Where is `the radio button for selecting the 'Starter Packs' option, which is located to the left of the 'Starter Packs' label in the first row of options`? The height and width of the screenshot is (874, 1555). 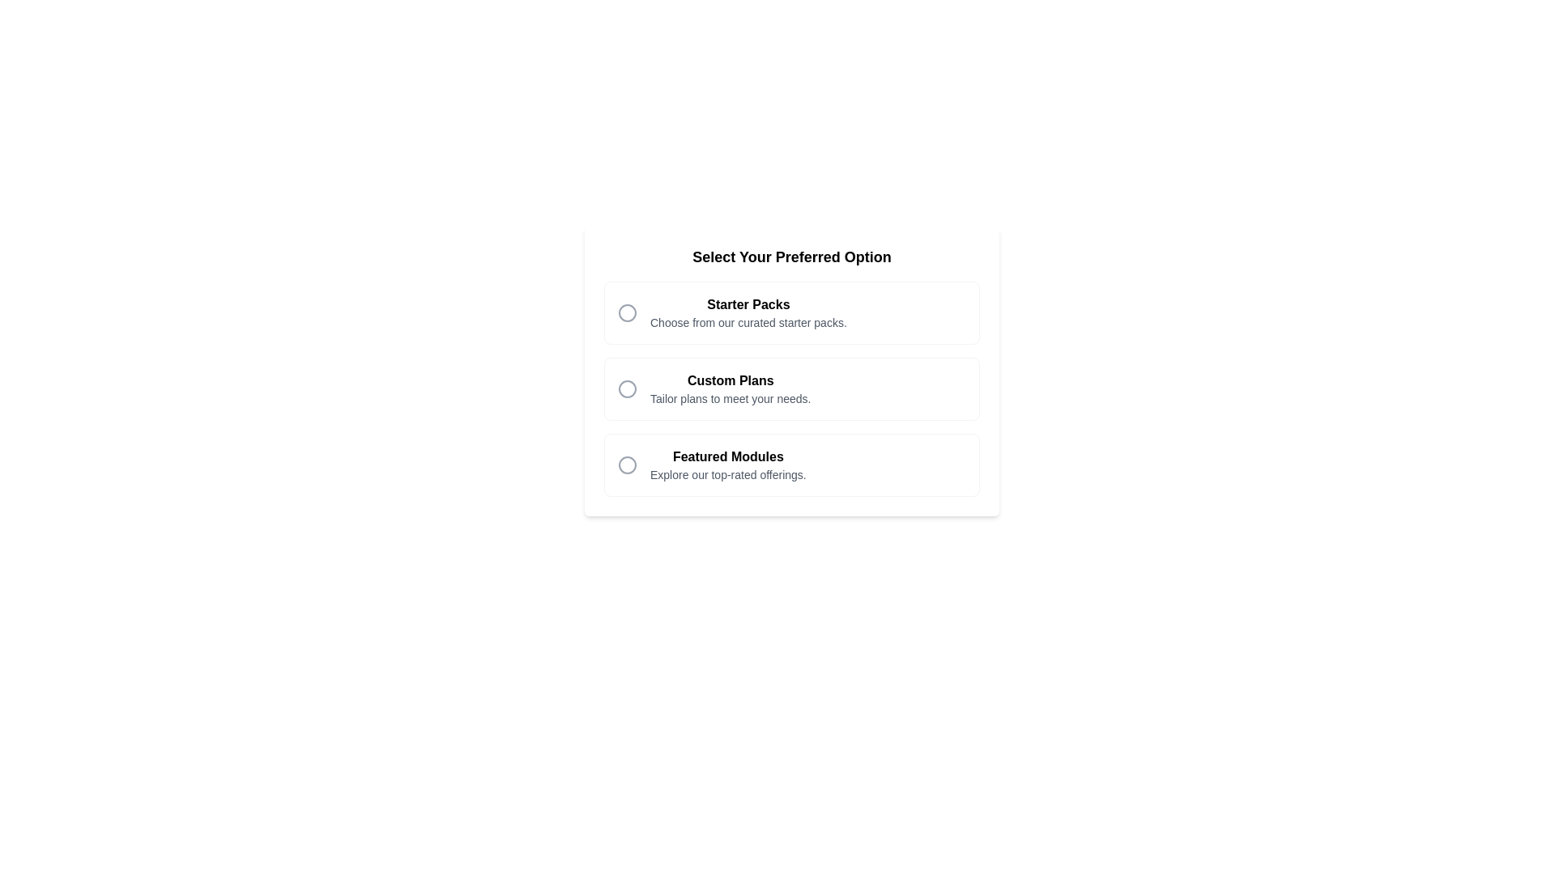 the radio button for selecting the 'Starter Packs' option, which is located to the left of the 'Starter Packs' label in the first row of options is located at coordinates (626, 312).